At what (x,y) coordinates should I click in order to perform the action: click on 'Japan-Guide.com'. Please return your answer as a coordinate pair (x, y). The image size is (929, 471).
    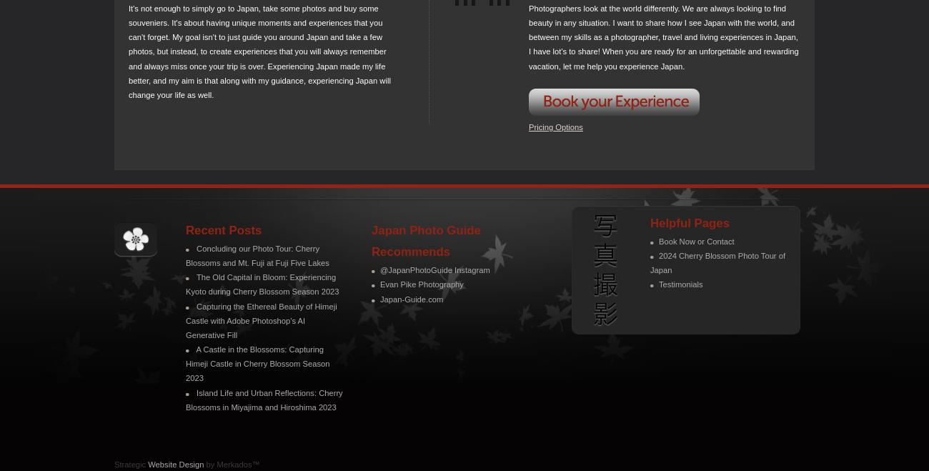
    Looking at the image, I should click on (411, 299).